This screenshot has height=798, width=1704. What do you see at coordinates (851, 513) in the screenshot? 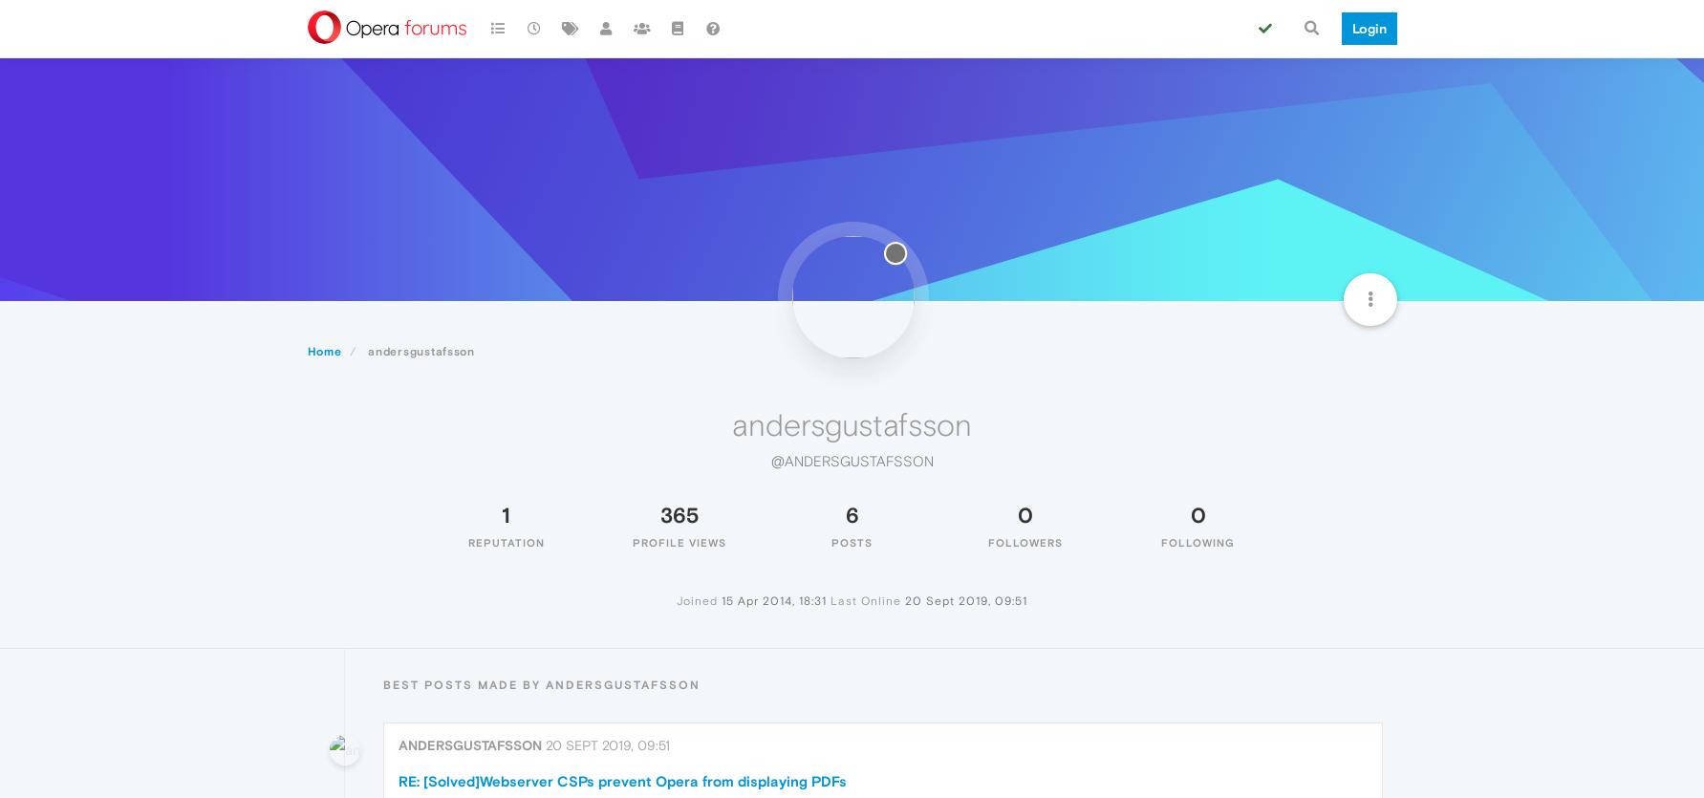
I see `'6'` at bounding box center [851, 513].